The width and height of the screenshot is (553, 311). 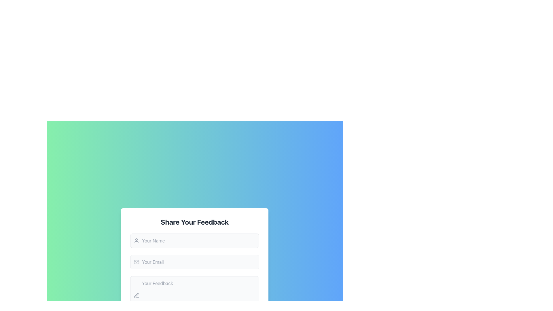 I want to click on the editing icon located at the left margin of the 'Your Feedback' text area, which indicates the area is editable, so click(x=136, y=295).